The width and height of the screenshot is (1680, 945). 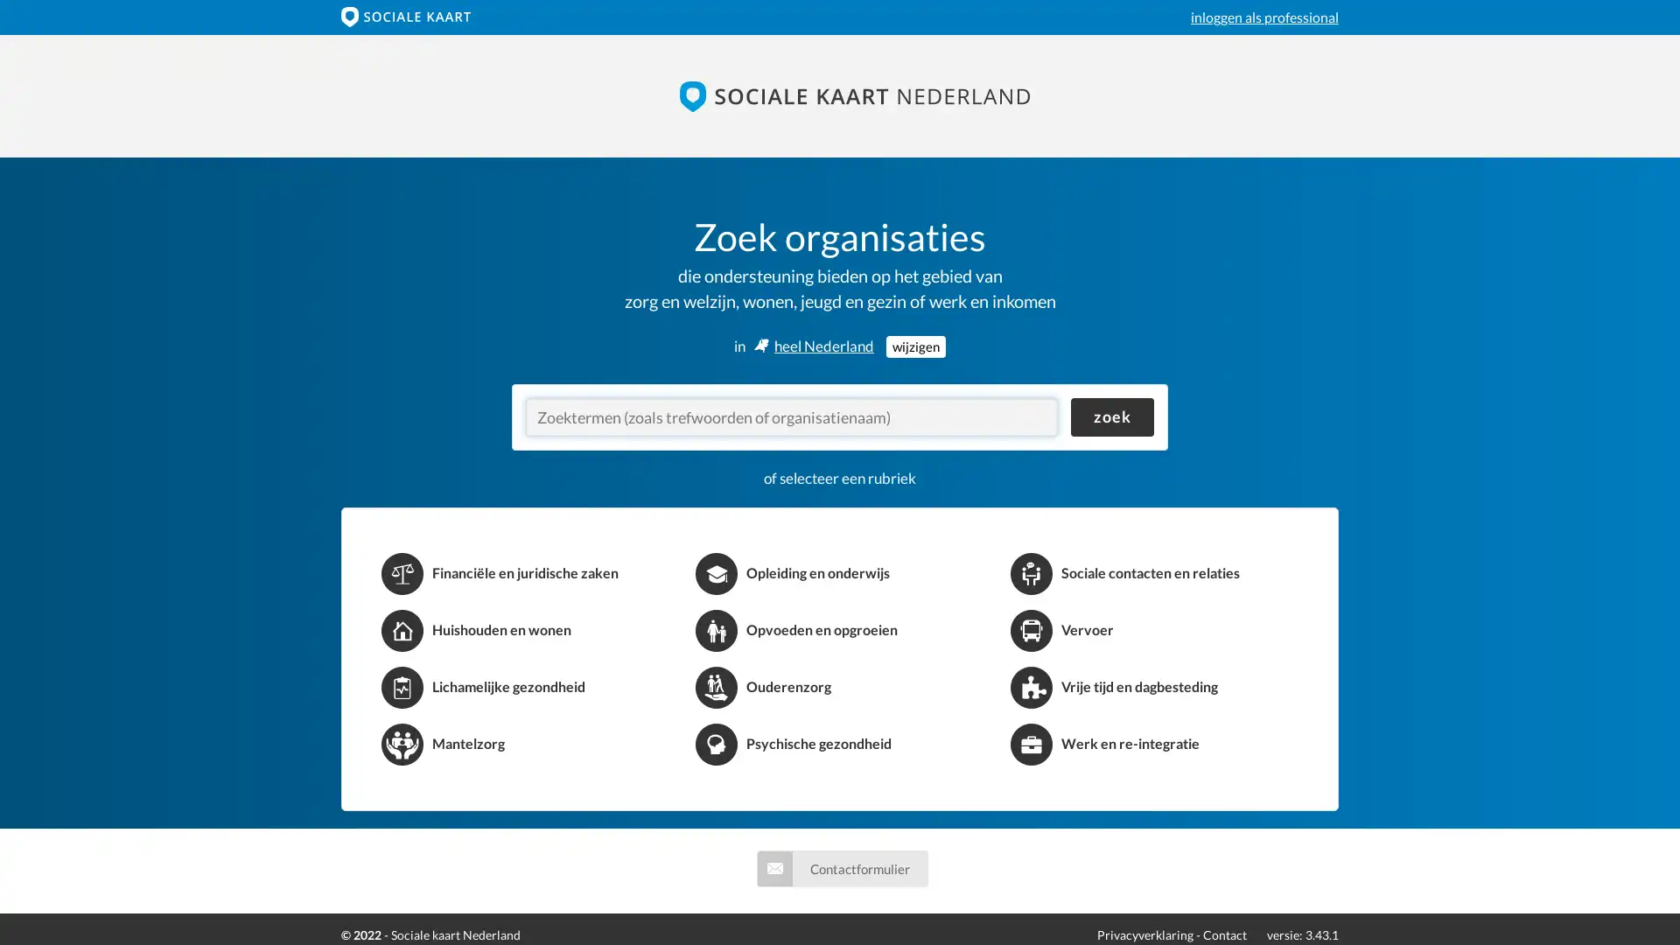 What do you see at coordinates (914, 346) in the screenshot?
I see `wijzigen` at bounding box center [914, 346].